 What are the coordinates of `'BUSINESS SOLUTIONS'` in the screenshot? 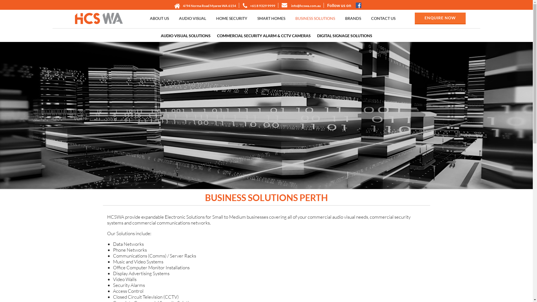 It's located at (315, 18).